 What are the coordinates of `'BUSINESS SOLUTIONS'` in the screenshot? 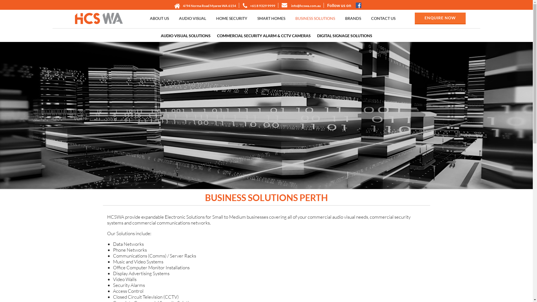 It's located at (315, 18).